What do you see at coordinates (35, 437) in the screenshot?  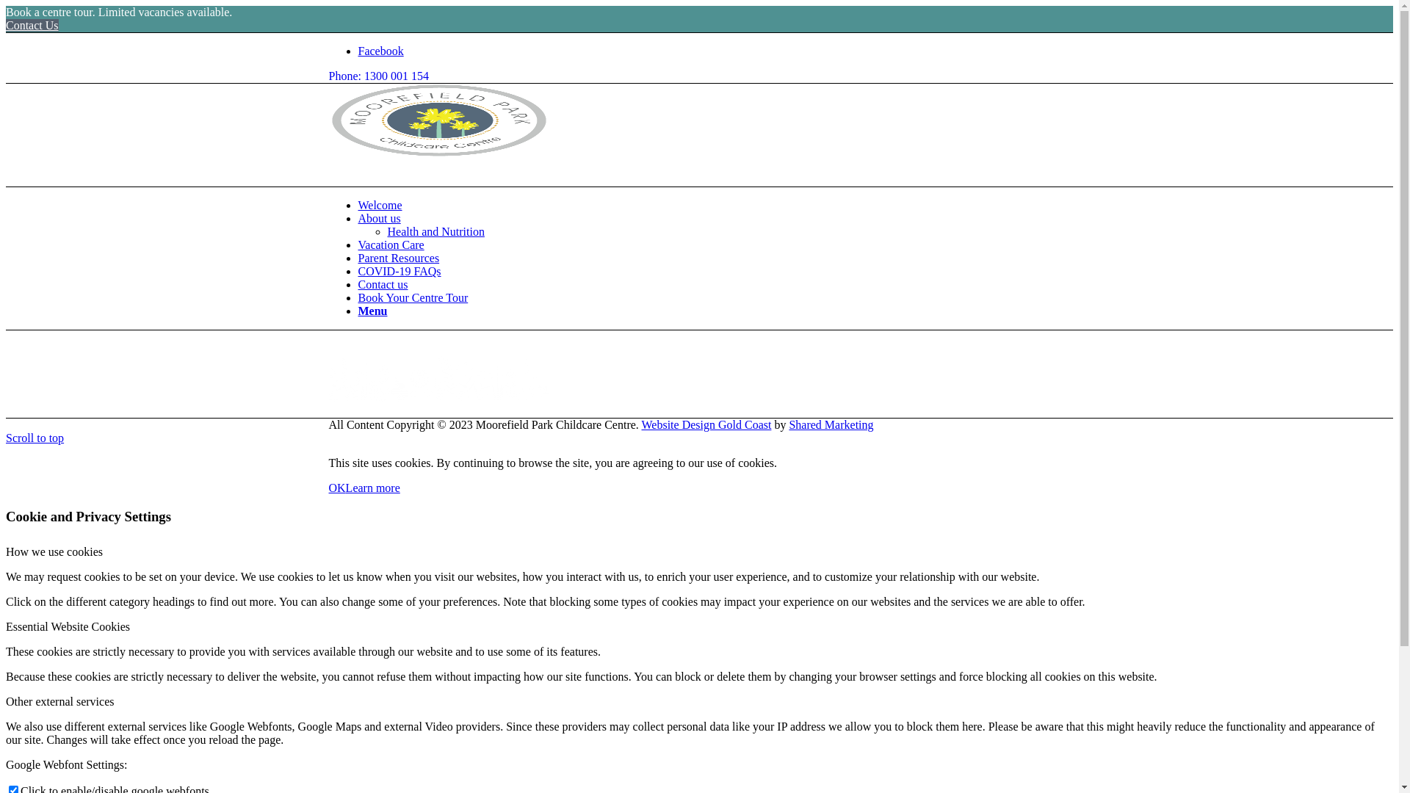 I see `'Scroll to top'` at bounding box center [35, 437].